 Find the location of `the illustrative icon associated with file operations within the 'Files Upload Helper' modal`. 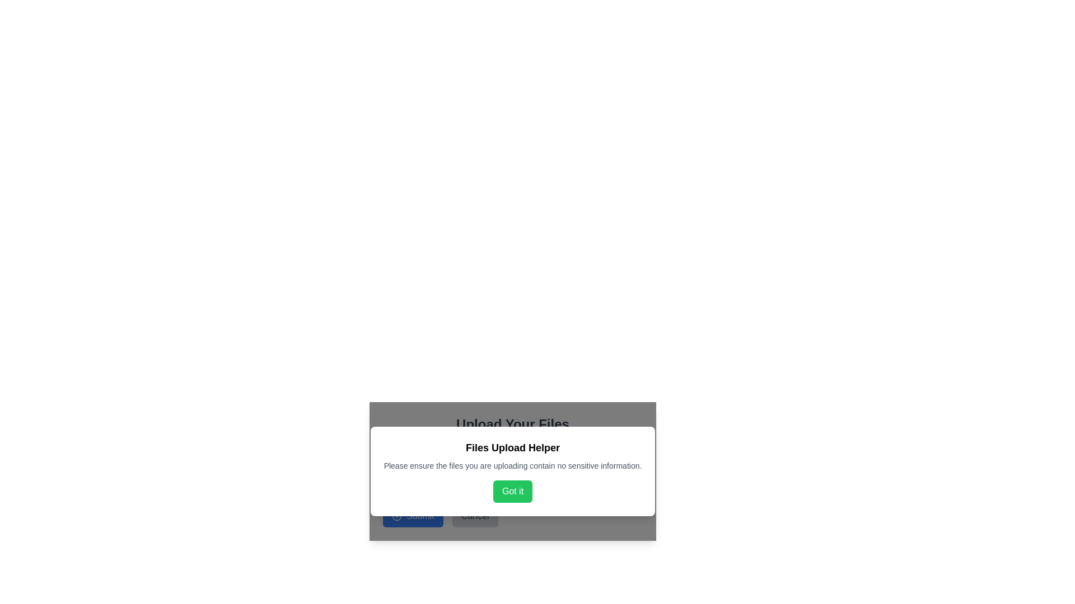

the illustrative icon associated with file operations within the 'Files Upload Helper' modal is located at coordinates (512, 466).